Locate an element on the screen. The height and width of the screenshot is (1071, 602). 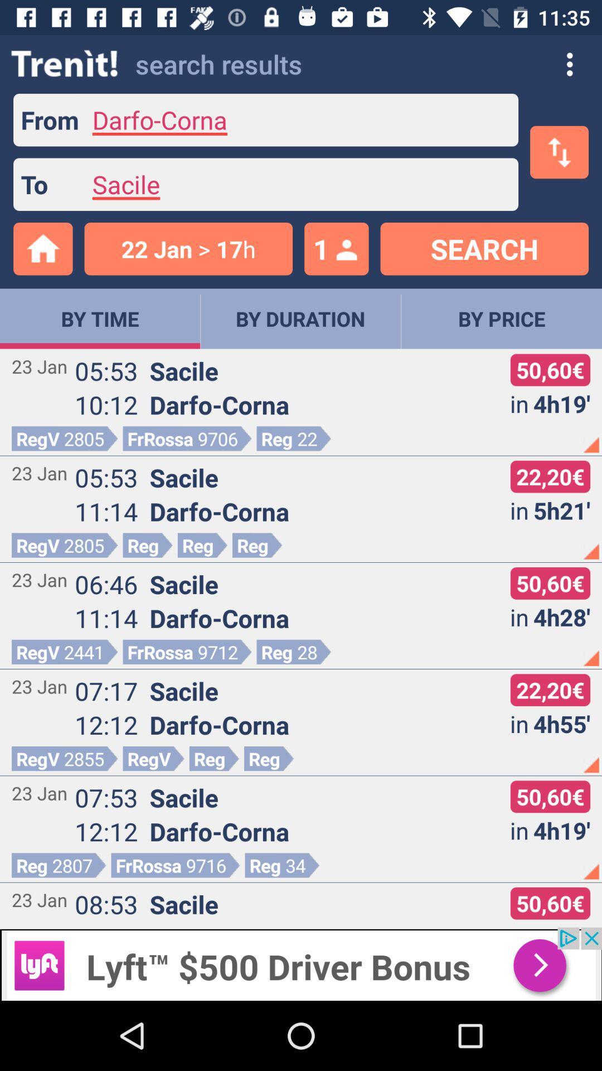
the text which is to the immediate right of to is located at coordinates (298, 185).